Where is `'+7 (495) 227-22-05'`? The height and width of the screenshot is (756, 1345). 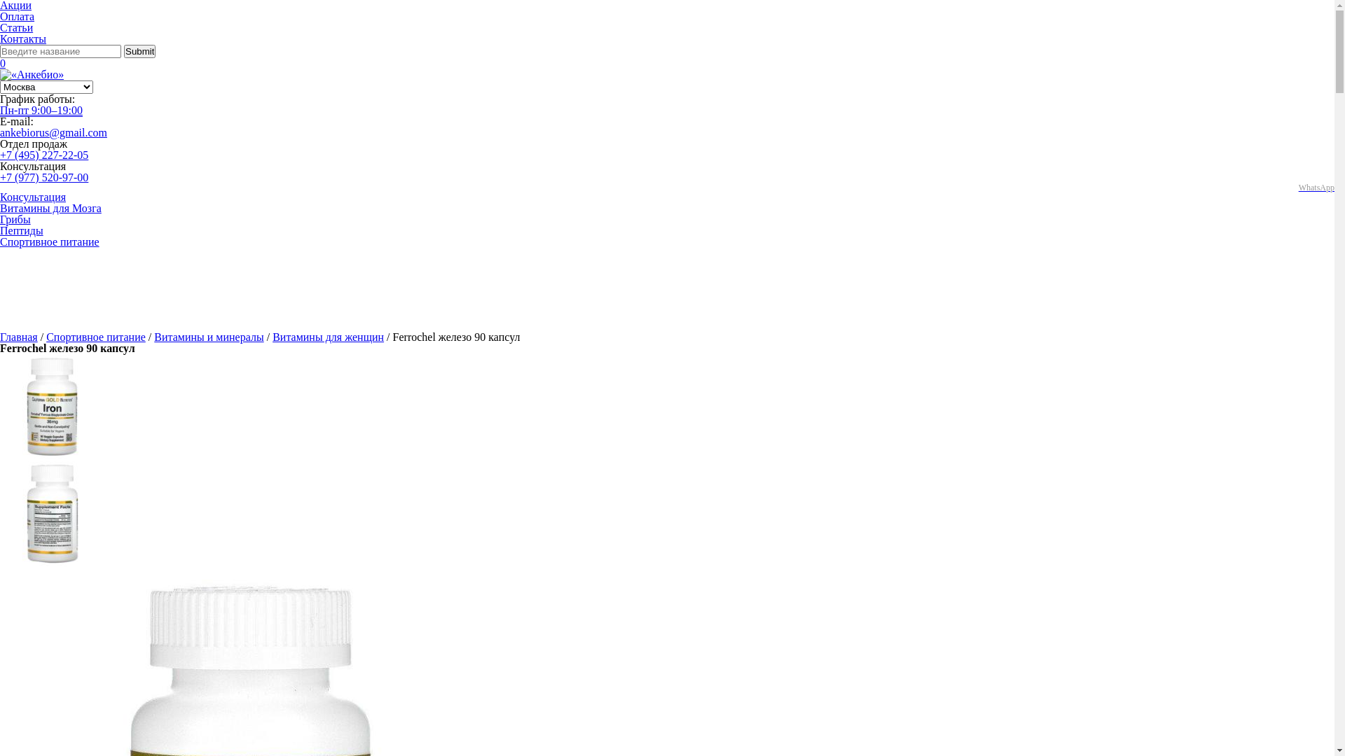 '+7 (495) 227-22-05' is located at coordinates (0, 155).